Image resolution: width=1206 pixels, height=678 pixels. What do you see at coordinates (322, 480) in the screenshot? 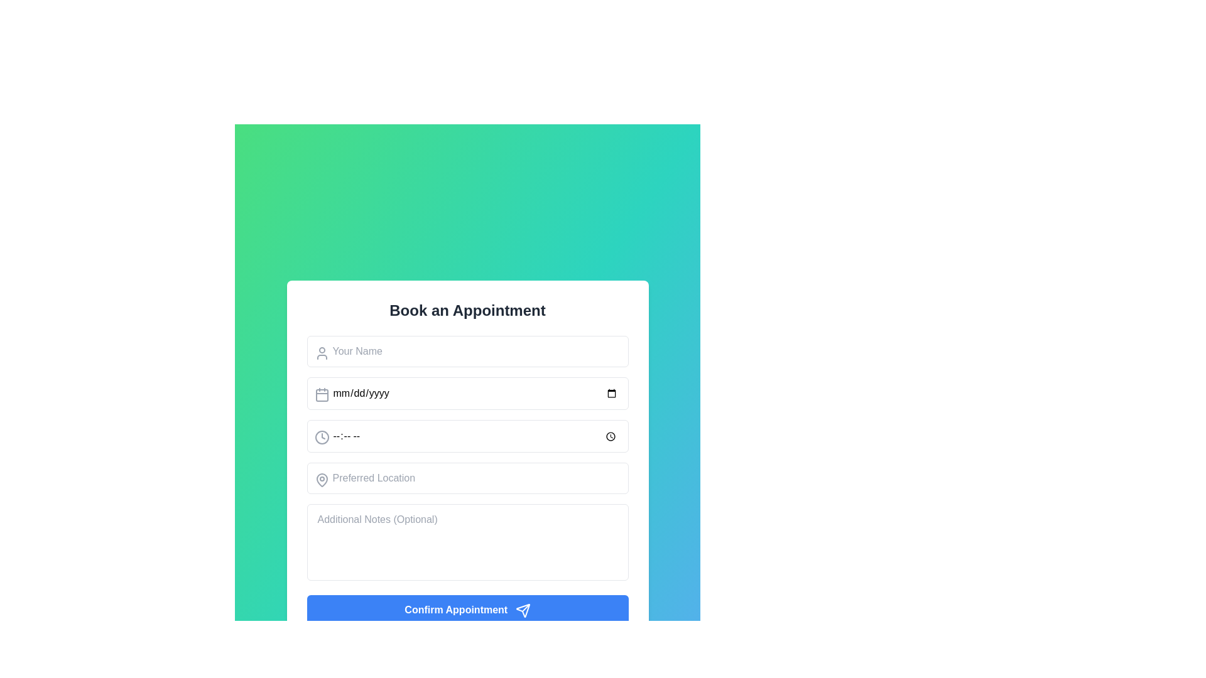
I see `the pin icon, which resembles a map location marker, located at the leftmost position within the 'Preferred Location' input field` at bounding box center [322, 480].